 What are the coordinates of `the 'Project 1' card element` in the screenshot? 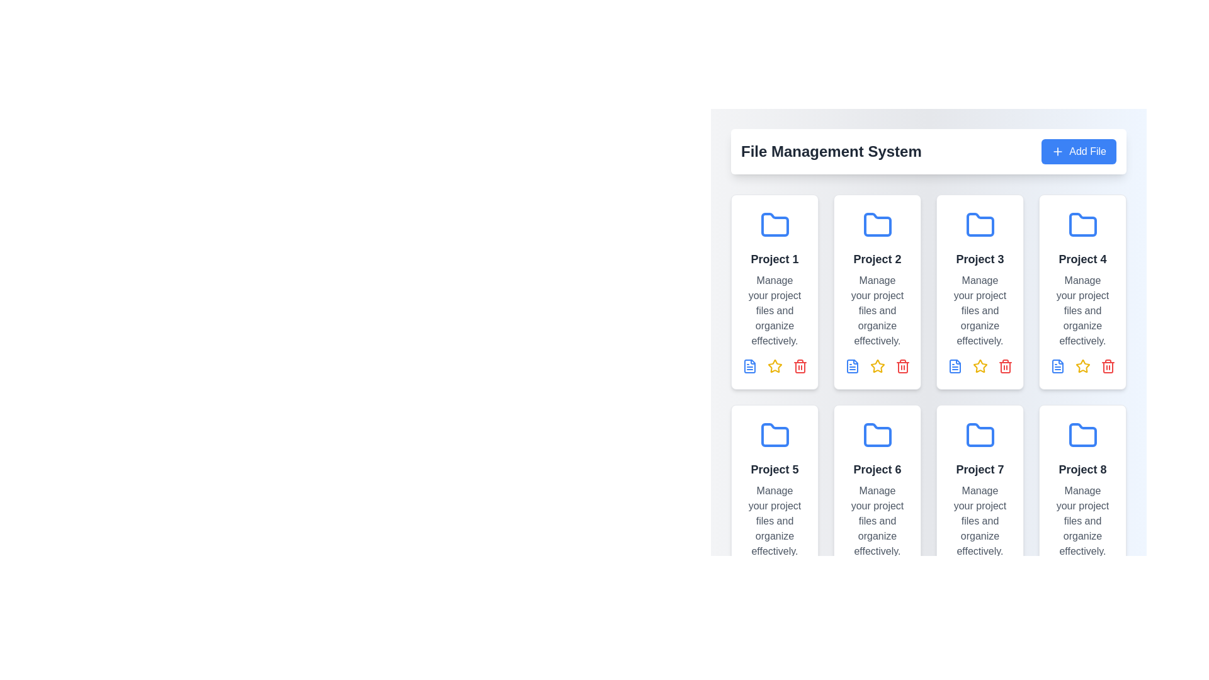 It's located at (774, 292).